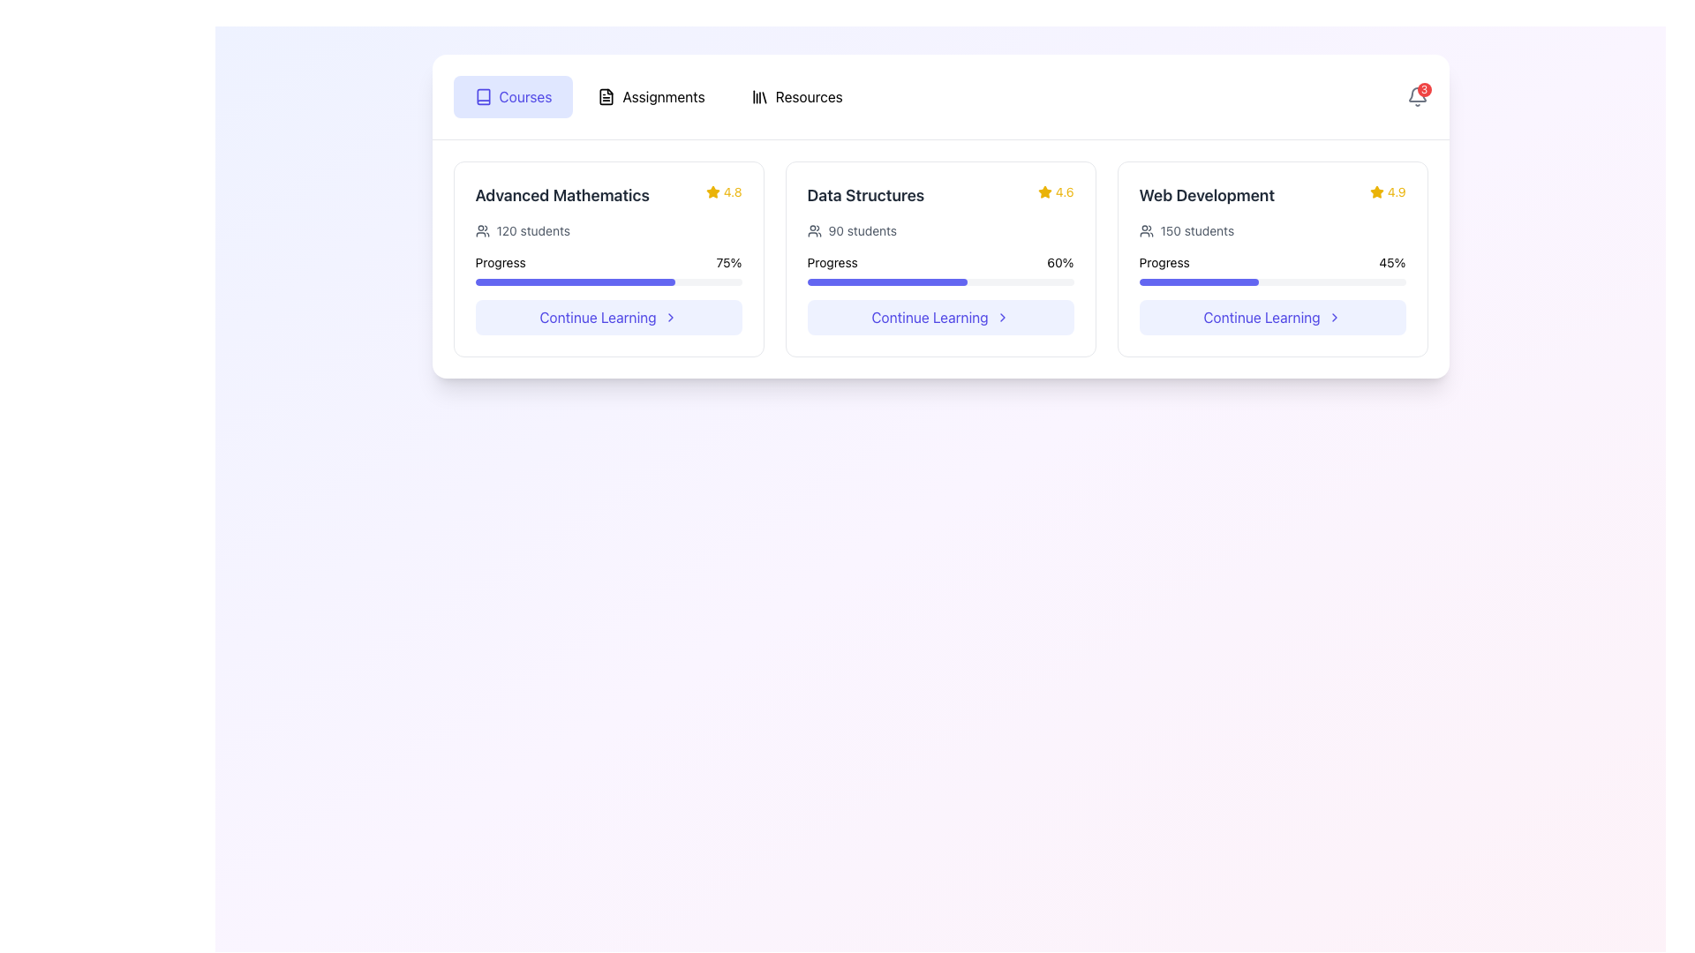 Image resolution: width=1695 pixels, height=953 pixels. Describe the element at coordinates (1044, 192) in the screenshot. I see `the star icon representing a rating system, located in the top-right corner of the 'Data Structures' card, adjacent to the text '4.6'` at that location.